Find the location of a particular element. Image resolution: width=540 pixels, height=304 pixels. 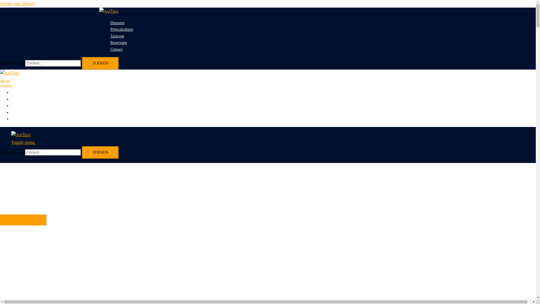

'AxiTaxi' is located at coordinates (108, 11).